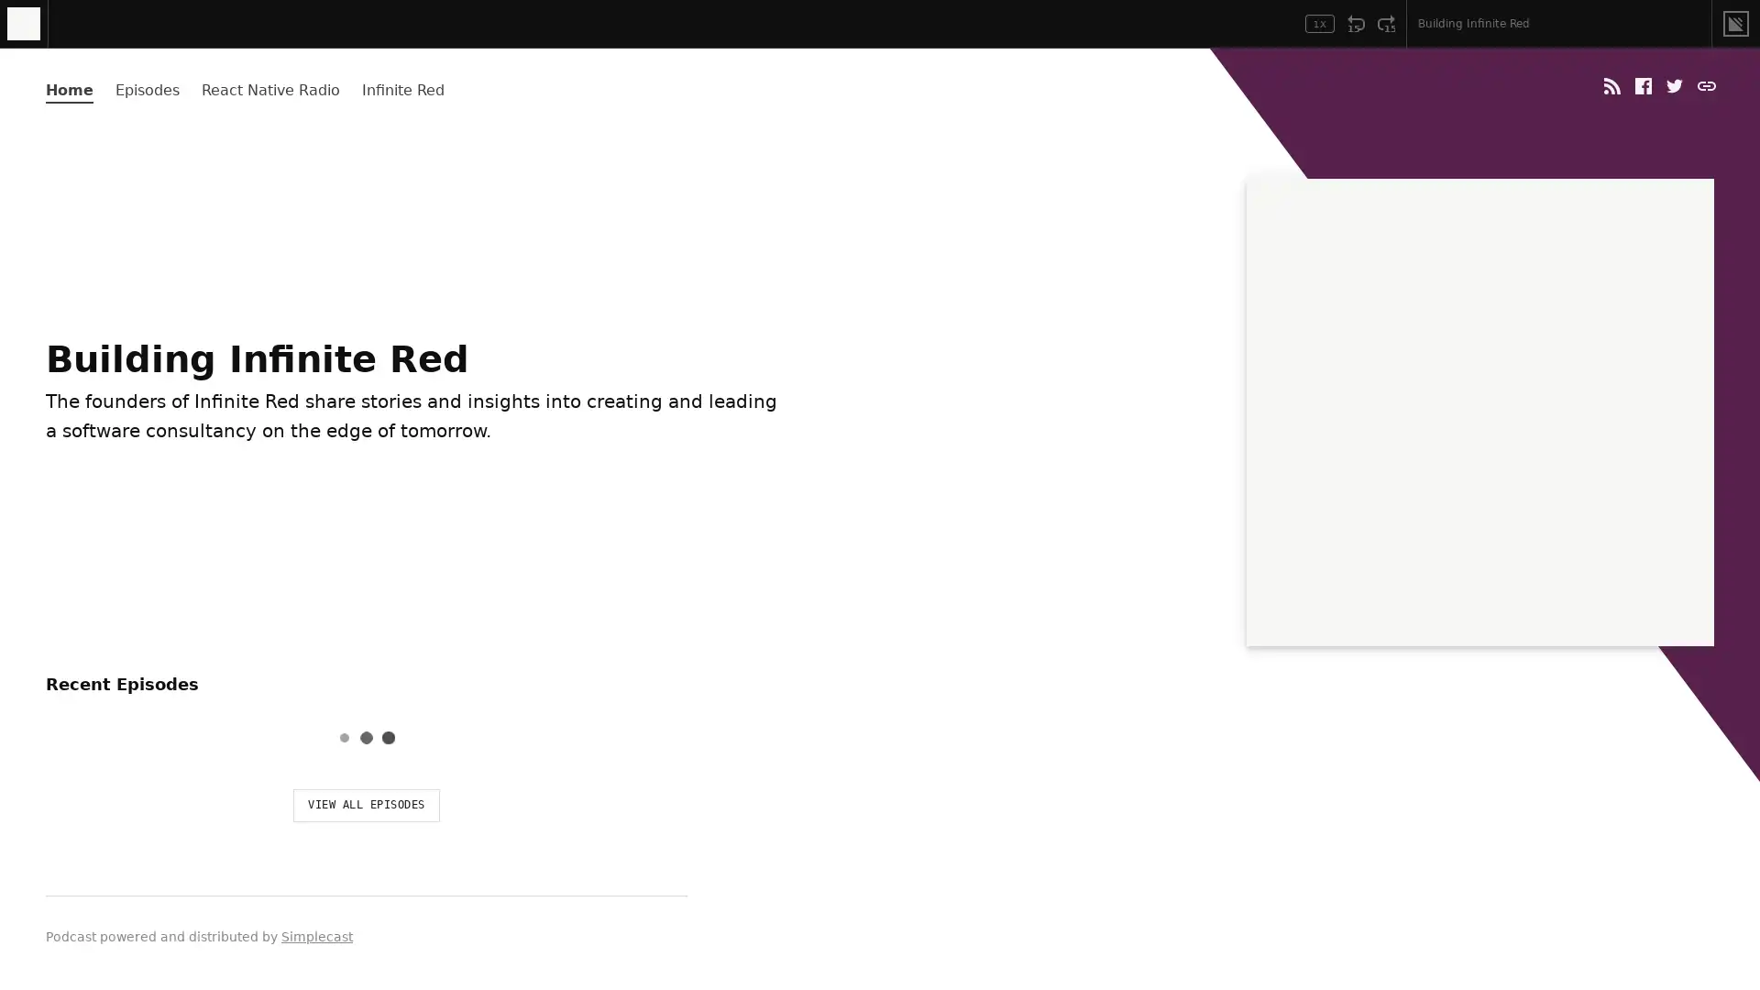 This screenshot has width=1760, height=990. I want to click on Play, so click(70, 24).